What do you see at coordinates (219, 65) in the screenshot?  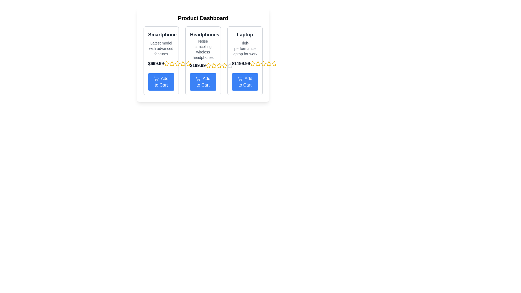 I see `the active yellow third star in the row of rating stars located below the price label '$199.99' to rate the product` at bounding box center [219, 65].